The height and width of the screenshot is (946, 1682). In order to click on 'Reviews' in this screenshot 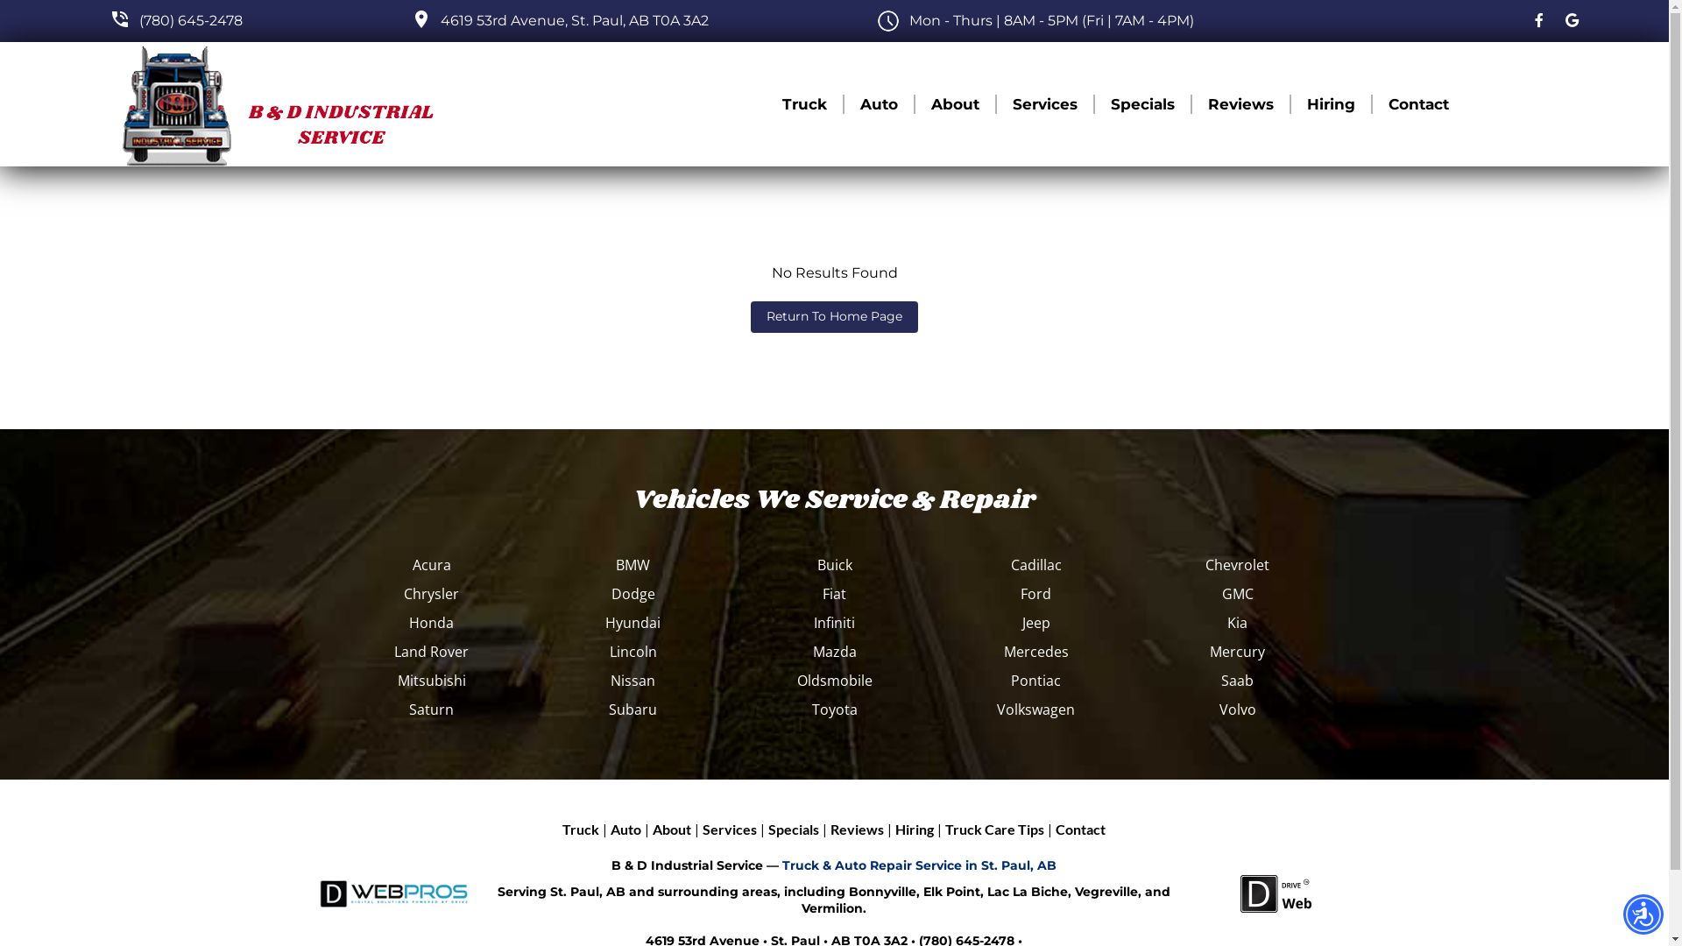, I will do `click(1240, 104)`.